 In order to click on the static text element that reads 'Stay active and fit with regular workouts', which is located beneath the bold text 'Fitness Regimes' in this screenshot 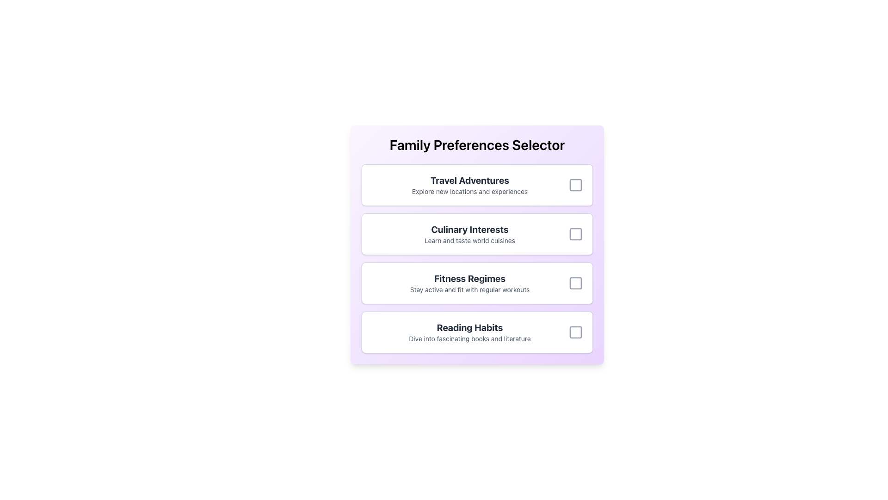, I will do `click(470, 289)`.